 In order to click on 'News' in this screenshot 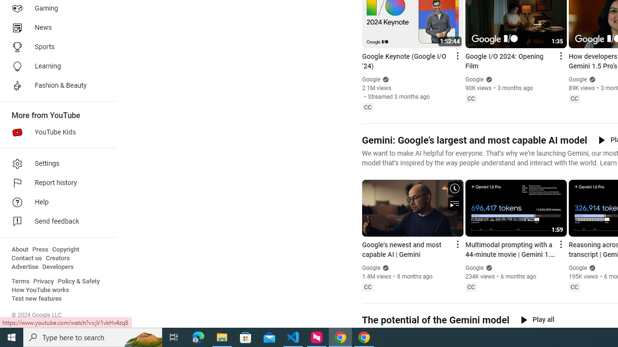, I will do `click(54, 27)`.